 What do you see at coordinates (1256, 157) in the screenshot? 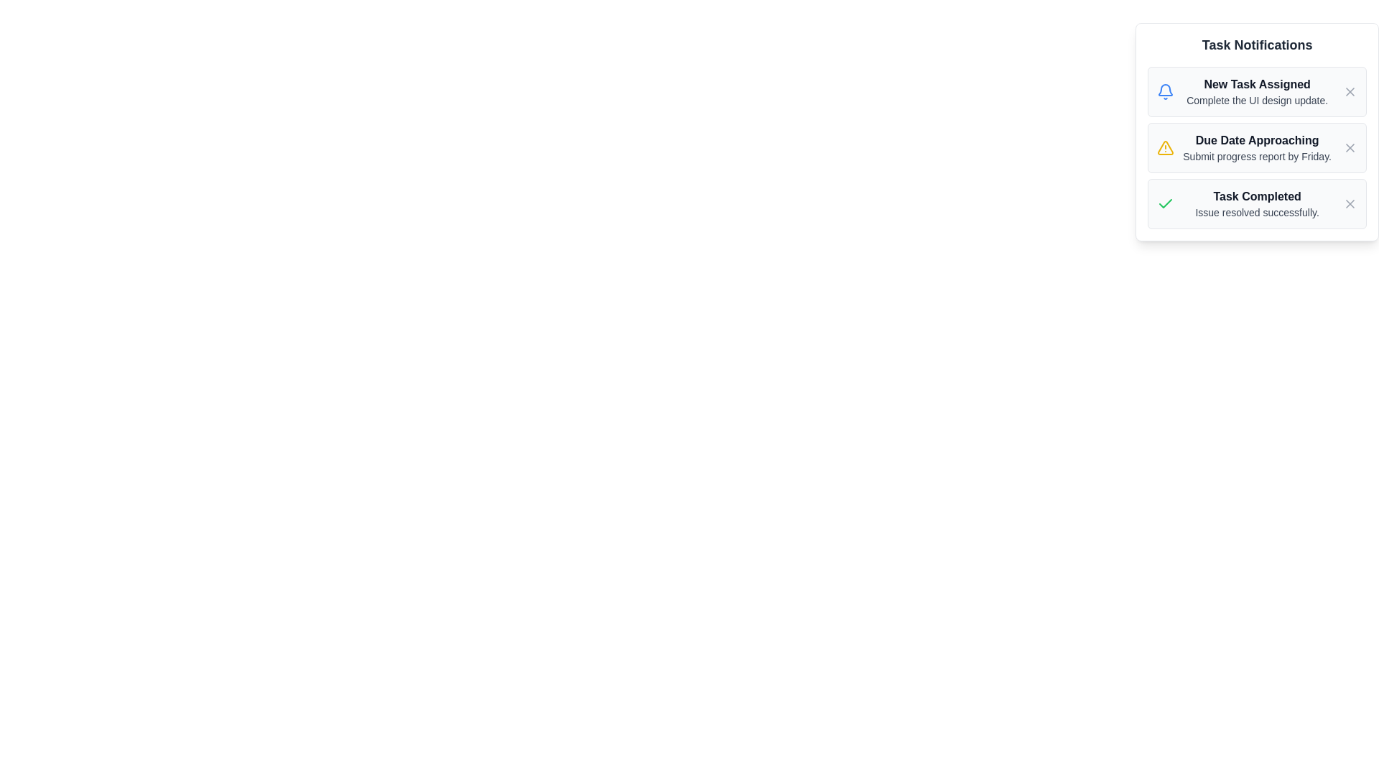
I see `the second line of text in the notifications list under the 'Due Date Approaching' section, which is styled in a smaller font size with gray coloring` at bounding box center [1256, 157].